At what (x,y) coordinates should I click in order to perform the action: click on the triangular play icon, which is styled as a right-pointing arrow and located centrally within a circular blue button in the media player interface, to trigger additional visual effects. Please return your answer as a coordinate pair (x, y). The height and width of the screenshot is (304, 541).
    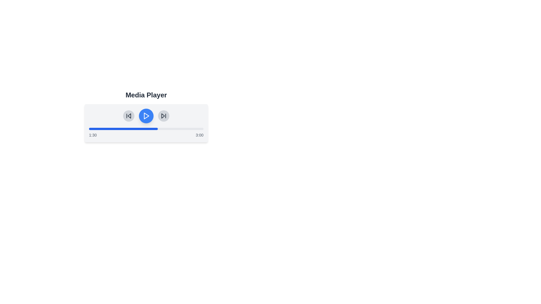
    Looking at the image, I should click on (146, 116).